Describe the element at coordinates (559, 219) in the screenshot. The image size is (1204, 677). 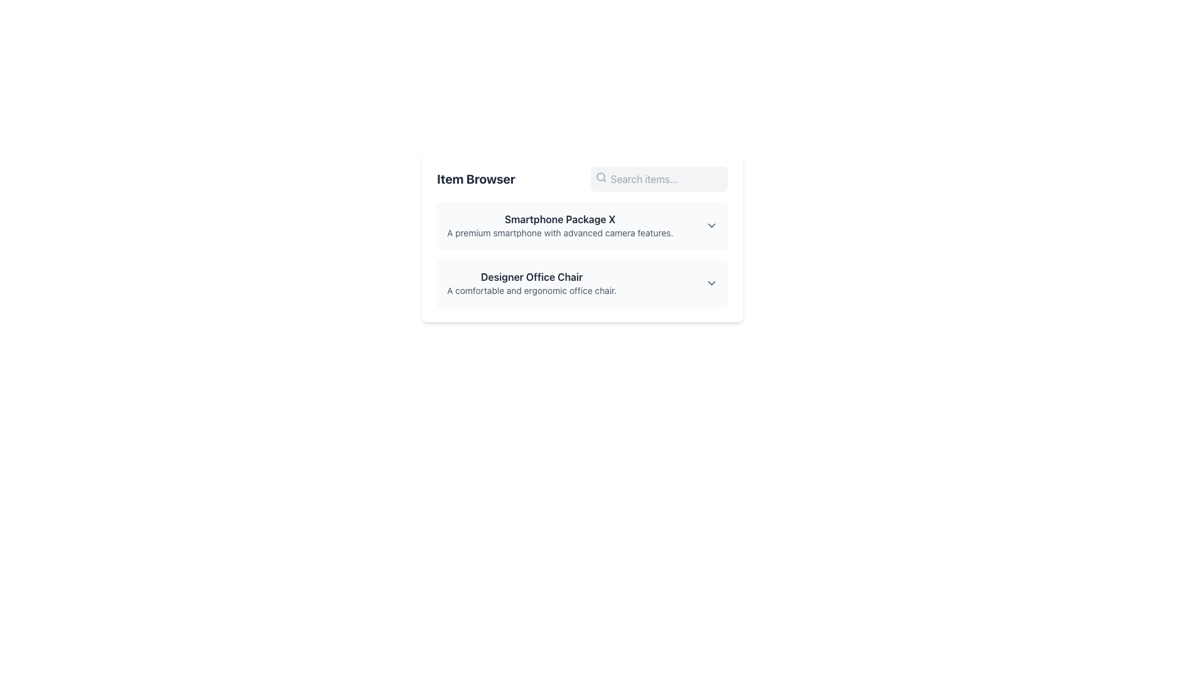
I see `text from the Text Label displaying 'Smartphone Package X' in bold at the top of the 'Item Browser' panel interface` at that location.